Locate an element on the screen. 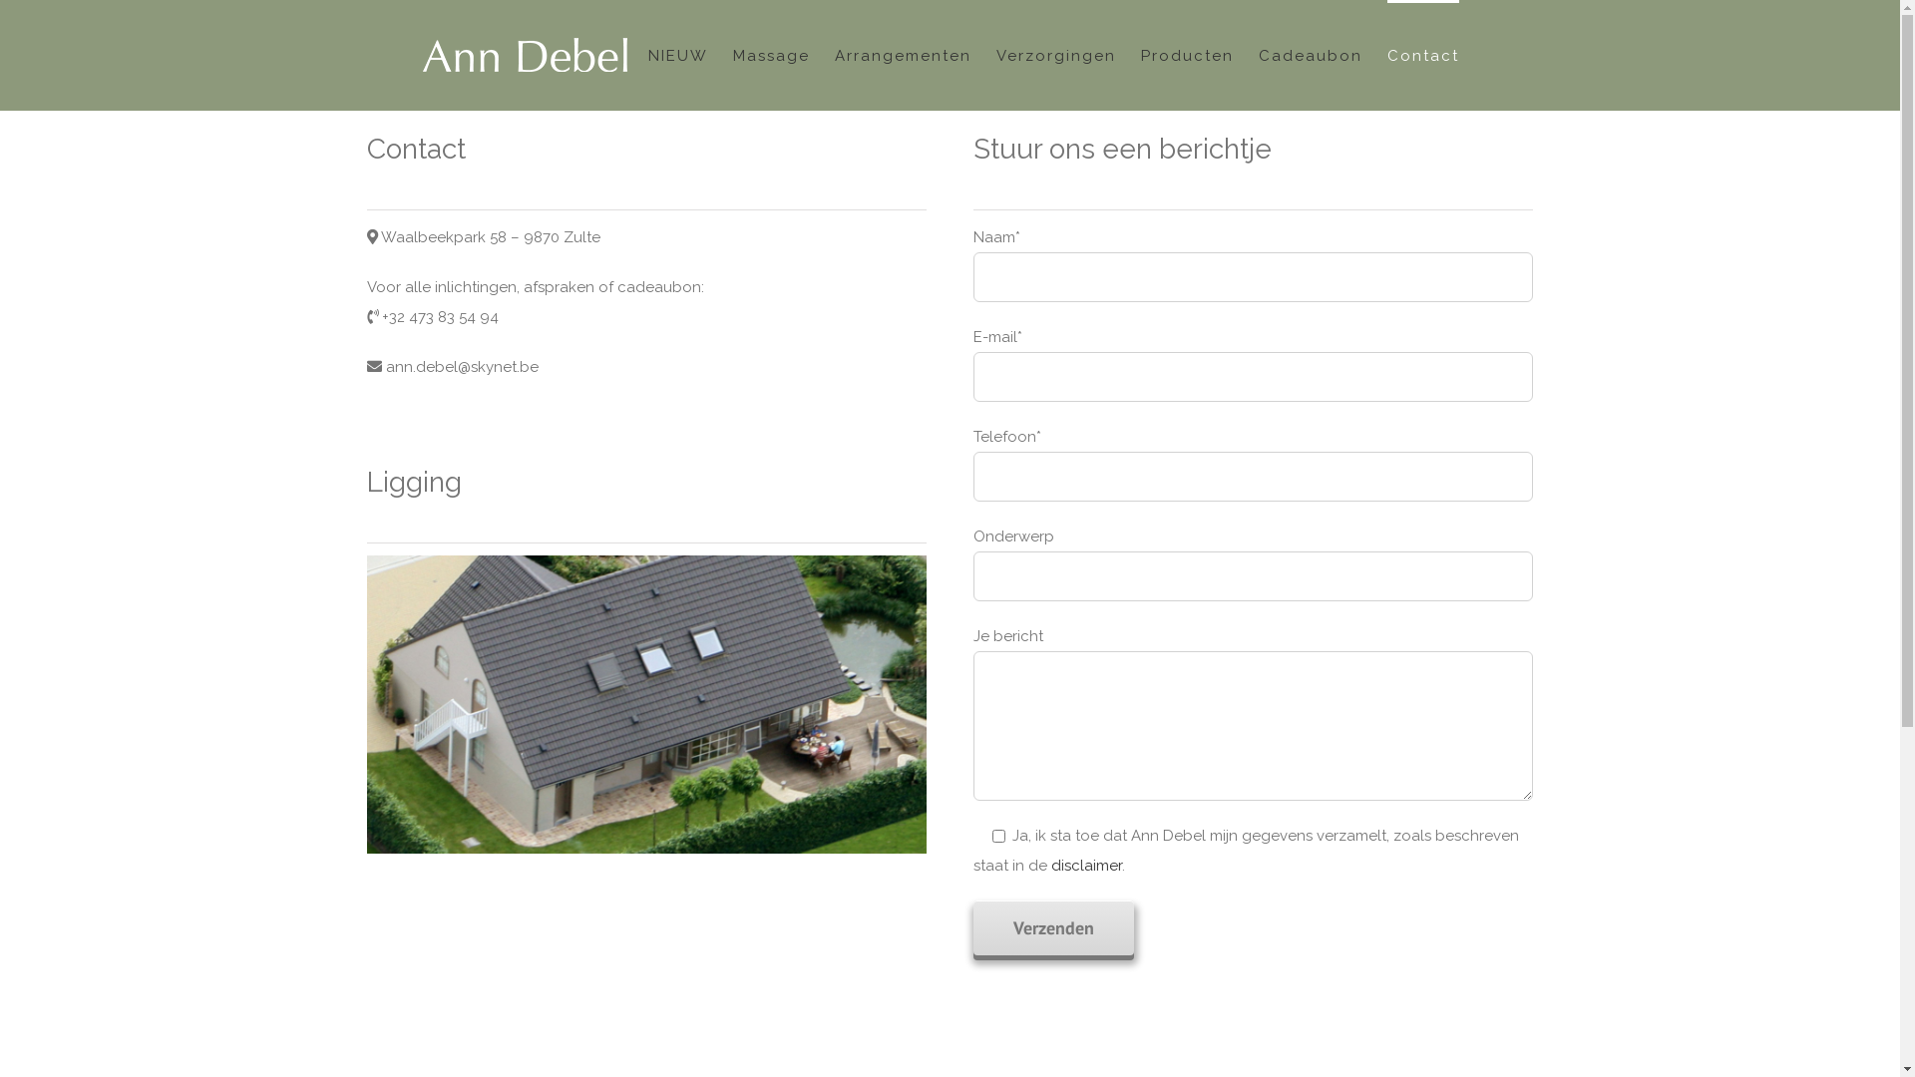 Image resolution: width=1915 pixels, height=1077 pixels. 'Cadeaubon' is located at coordinates (1311, 53).